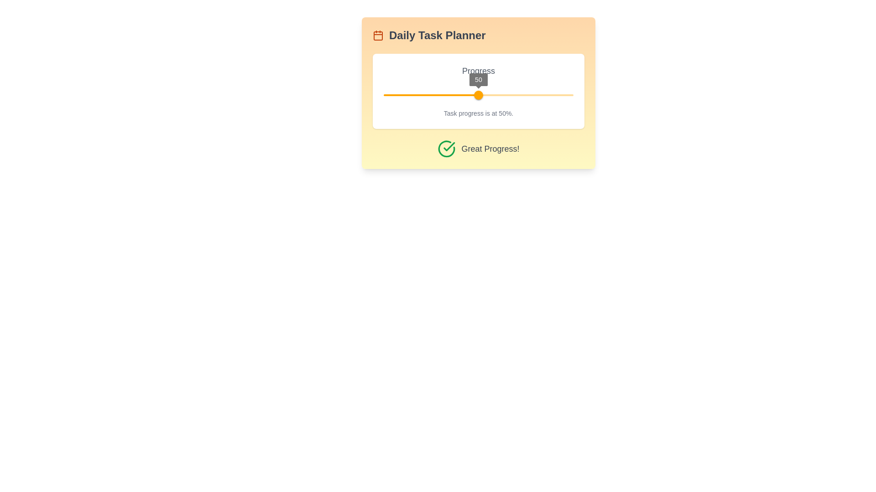  Describe the element at coordinates (545, 95) in the screenshot. I see `the progress value` at that location.